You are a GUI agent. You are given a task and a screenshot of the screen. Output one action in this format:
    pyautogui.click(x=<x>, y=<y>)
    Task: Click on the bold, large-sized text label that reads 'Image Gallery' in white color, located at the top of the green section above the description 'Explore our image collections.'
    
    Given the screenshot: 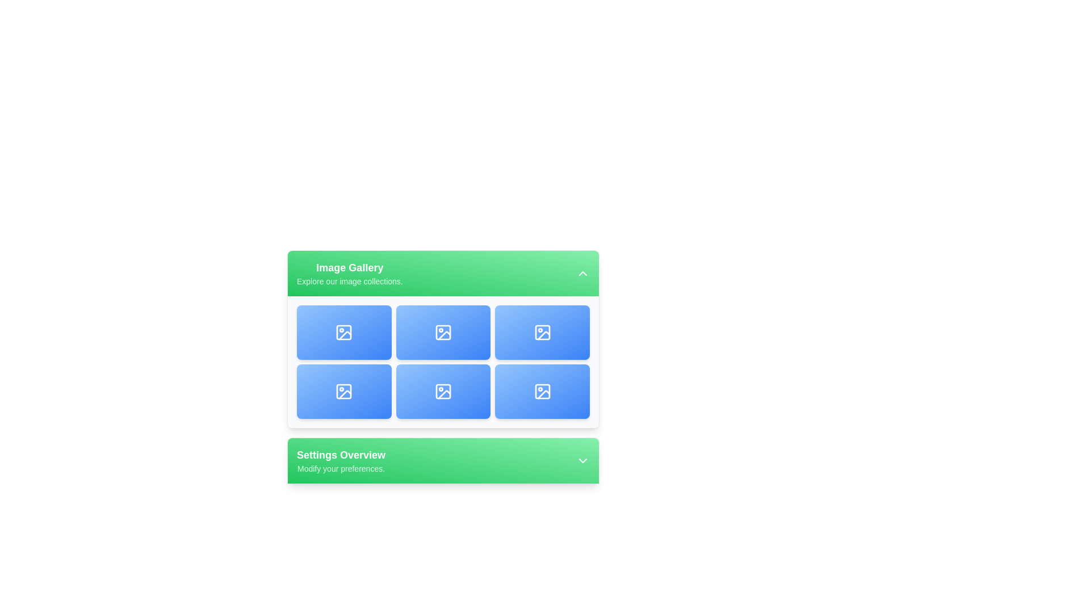 What is the action you would take?
    pyautogui.click(x=349, y=267)
    